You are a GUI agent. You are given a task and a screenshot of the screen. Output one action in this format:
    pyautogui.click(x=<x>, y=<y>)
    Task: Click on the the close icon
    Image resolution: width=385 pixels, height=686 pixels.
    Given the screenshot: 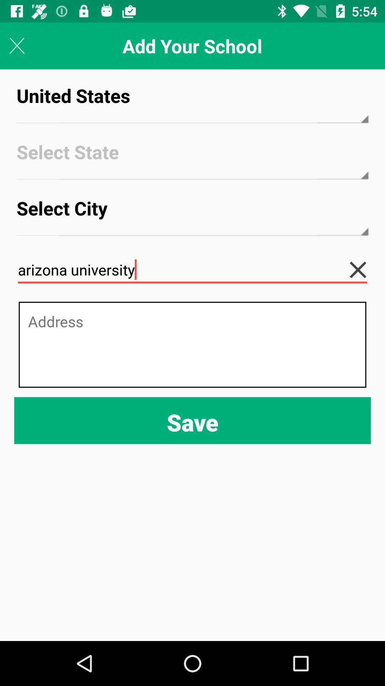 What is the action you would take?
    pyautogui.click(x=363, y=269)
    